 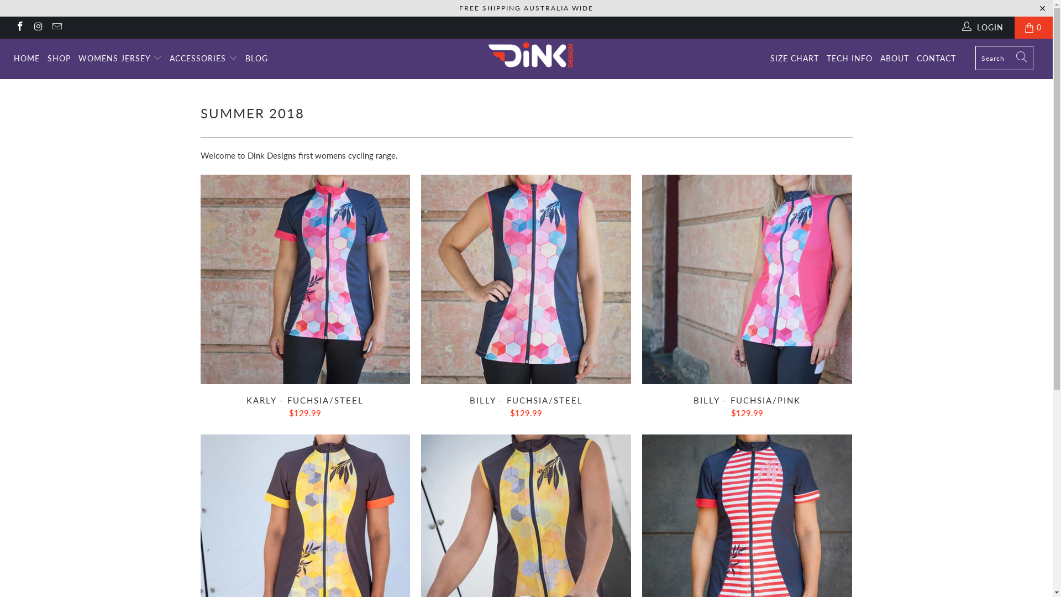 What do you see at coordinates (849, 59) in the screenshot?
I see `'TECH INFO'` at bounding box center [849, 59].